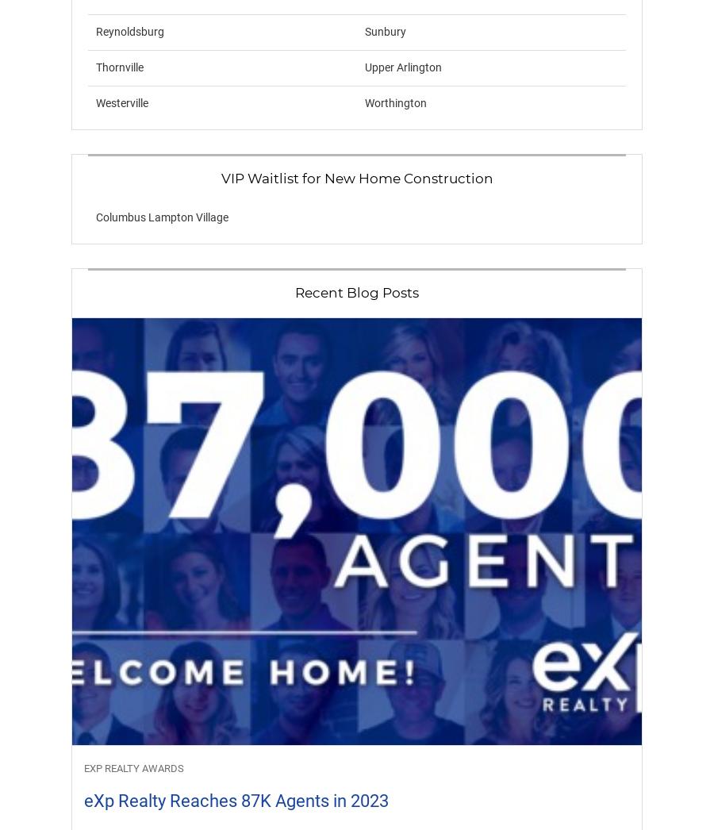  What do you see at coordinates (402, 67) in the screenshot?
I see `'Upper Arlington'` at bounding box center [402, 67].